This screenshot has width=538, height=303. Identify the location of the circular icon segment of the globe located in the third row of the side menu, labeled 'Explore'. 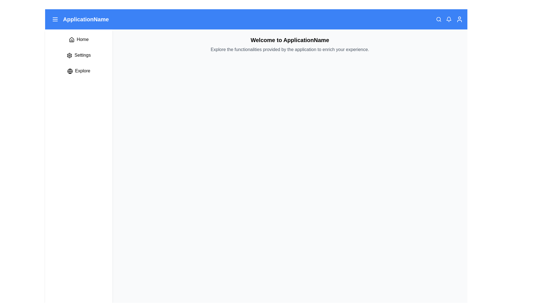
(69, 71).